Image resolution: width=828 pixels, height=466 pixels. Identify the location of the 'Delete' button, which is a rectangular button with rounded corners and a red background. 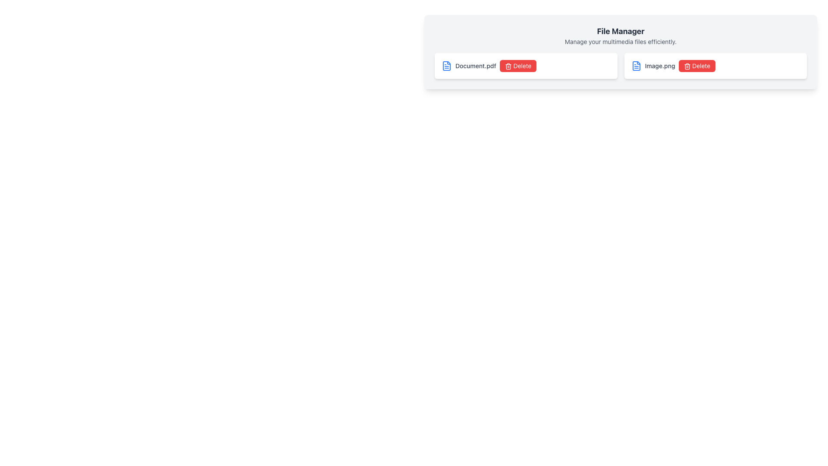
(517, 66).